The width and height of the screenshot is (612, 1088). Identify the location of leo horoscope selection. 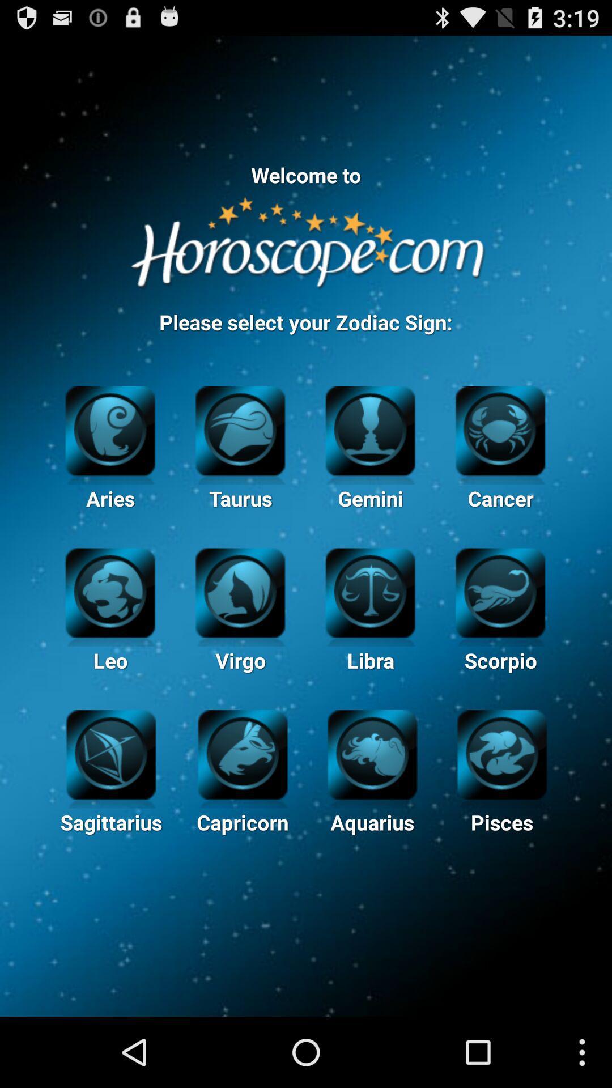
(110, 590).